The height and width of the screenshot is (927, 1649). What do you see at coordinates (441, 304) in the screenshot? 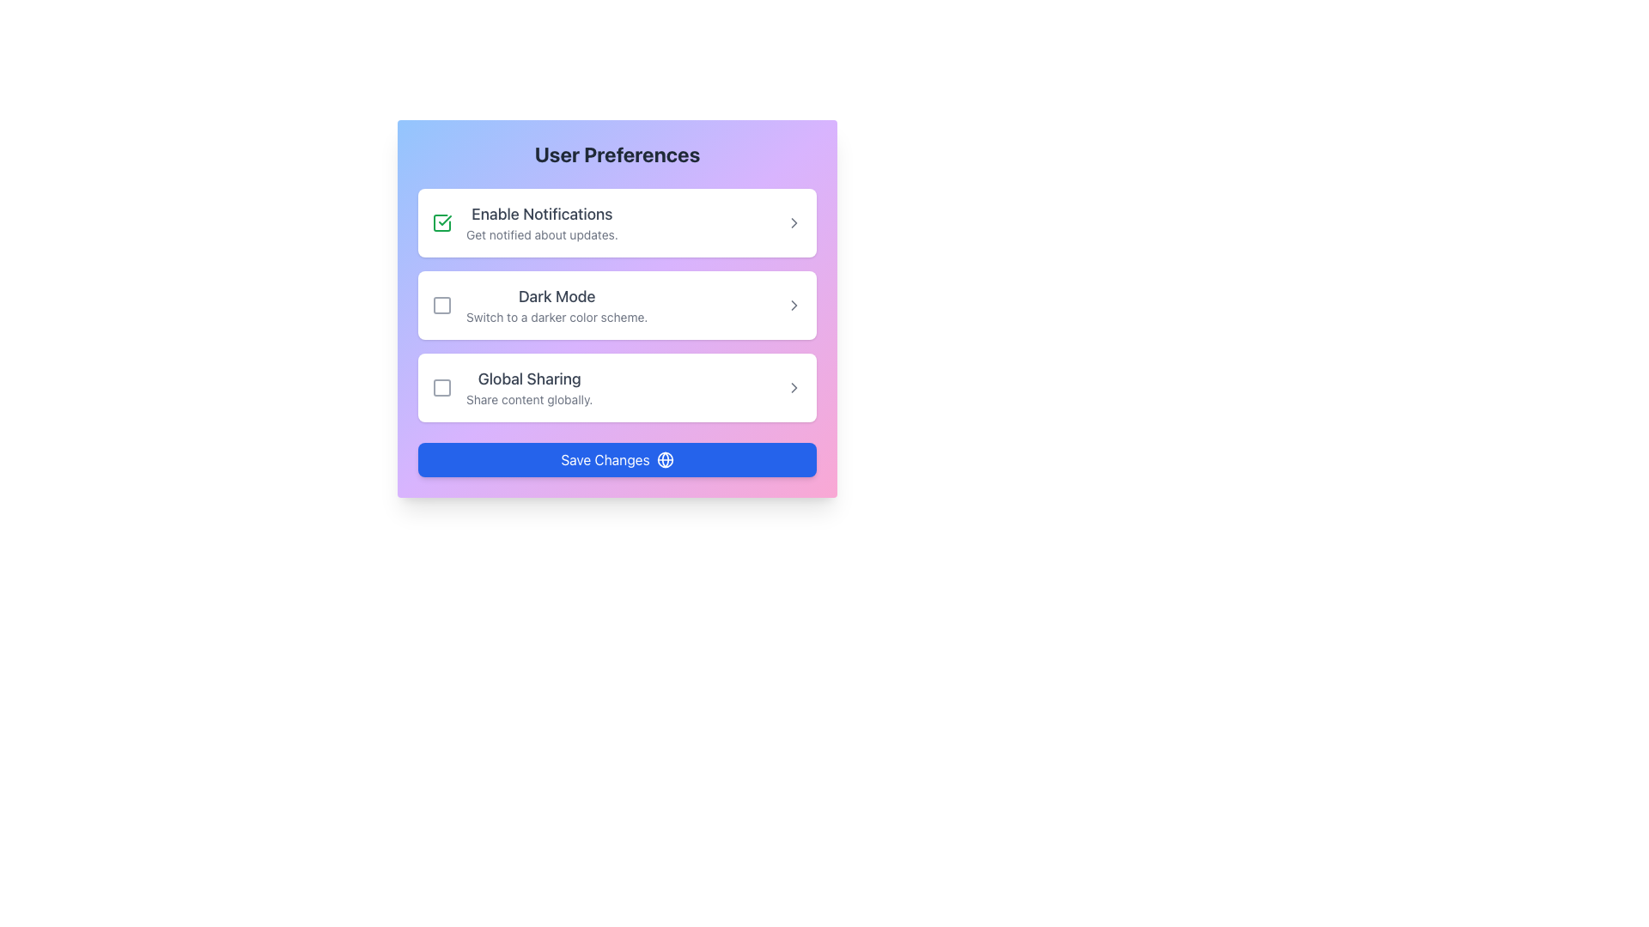
I see `the square-shaped checkbox located to the left of the 'Dark Mode' label` at bounding box center [441, 304].